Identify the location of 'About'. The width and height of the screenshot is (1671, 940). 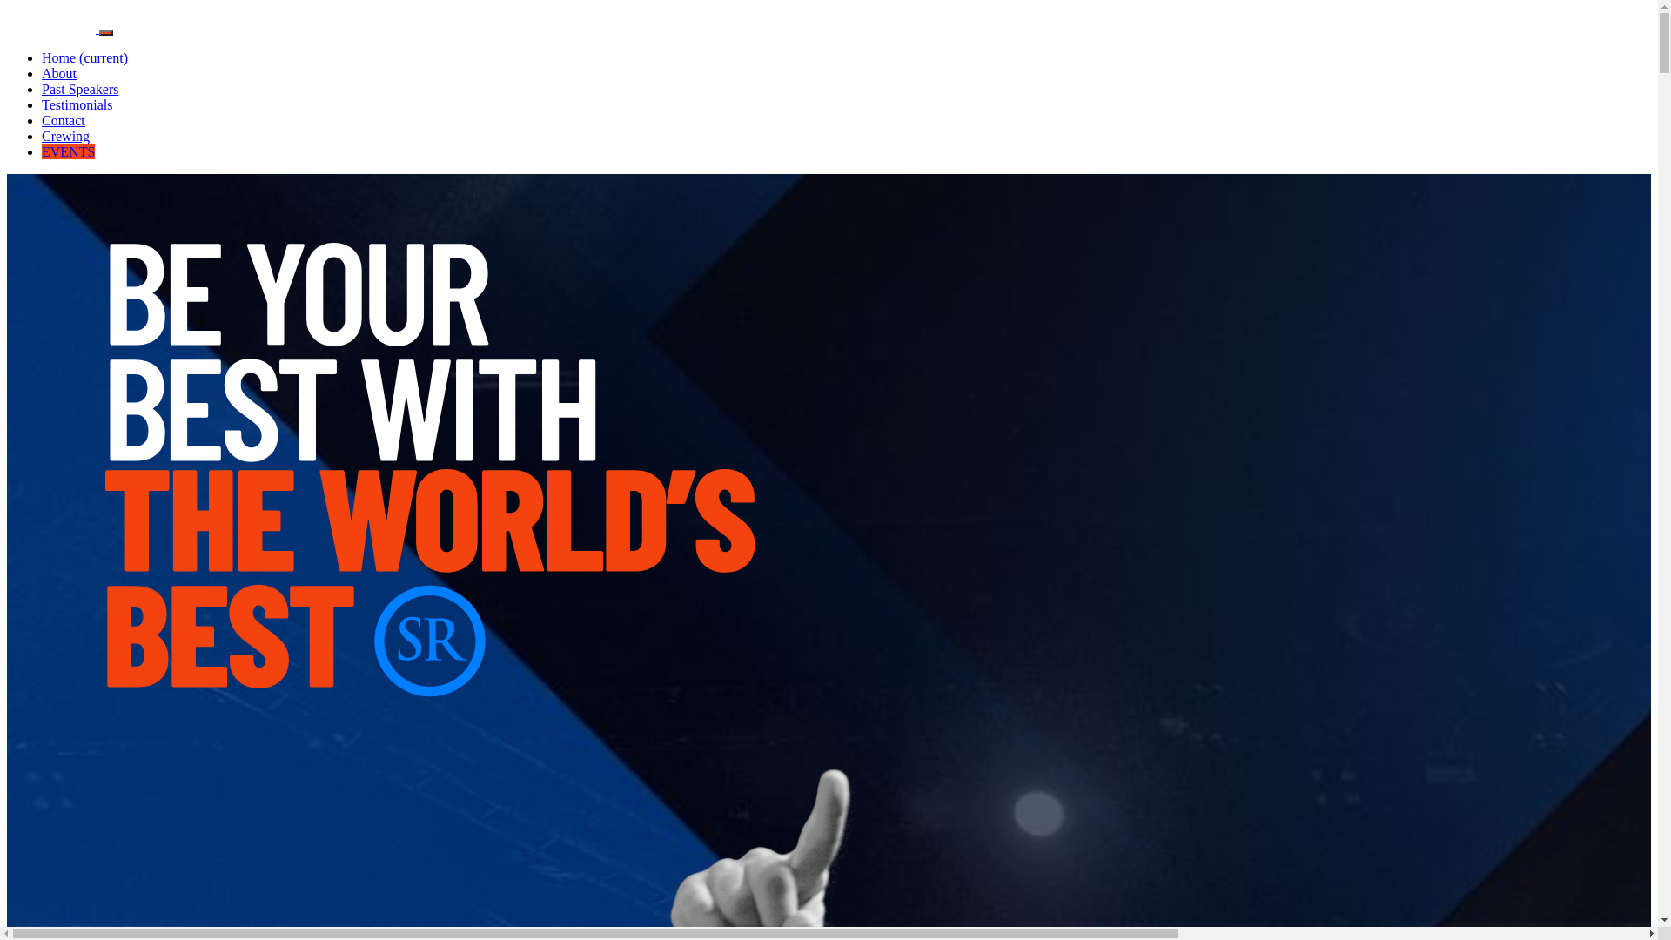
(58, 72).